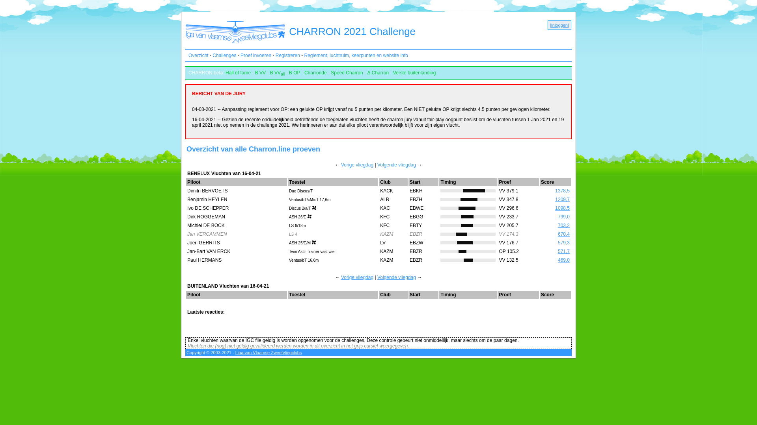 This screenshot has width=757, height=425. I want to click on 'Liga van Vlaamse Zweefvliegclubs', so click(268, 352).